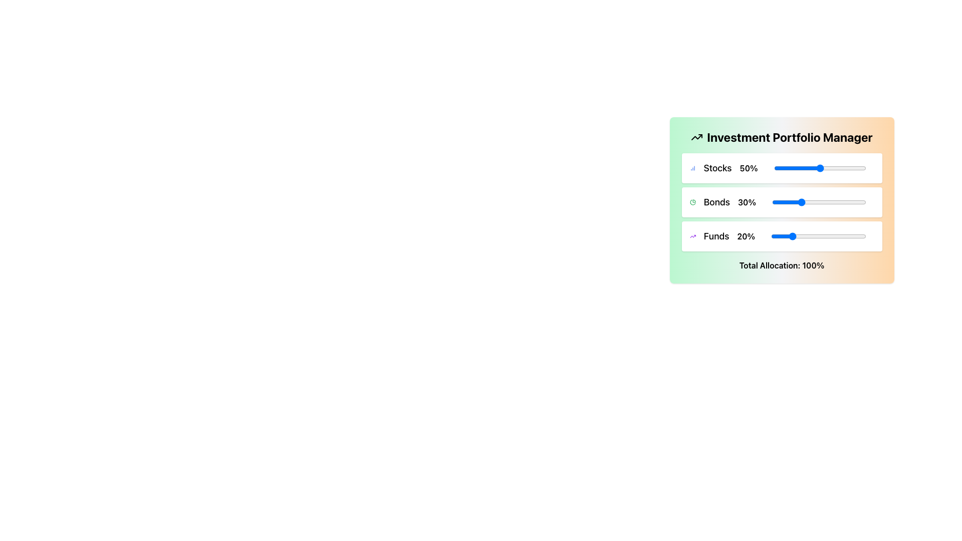 The width and height of the screenshot is (962, 541). Describe the element at coordinates (854, 167) in the screenshot. I see `the allocation percentage of the Stocks slider` at that location.